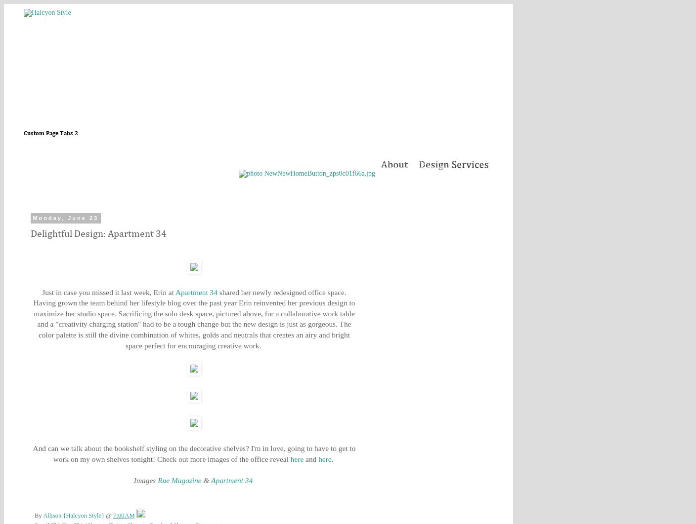 The height and width of the screenshot is (524, 696). I want to click on '@', so click(105, 515).